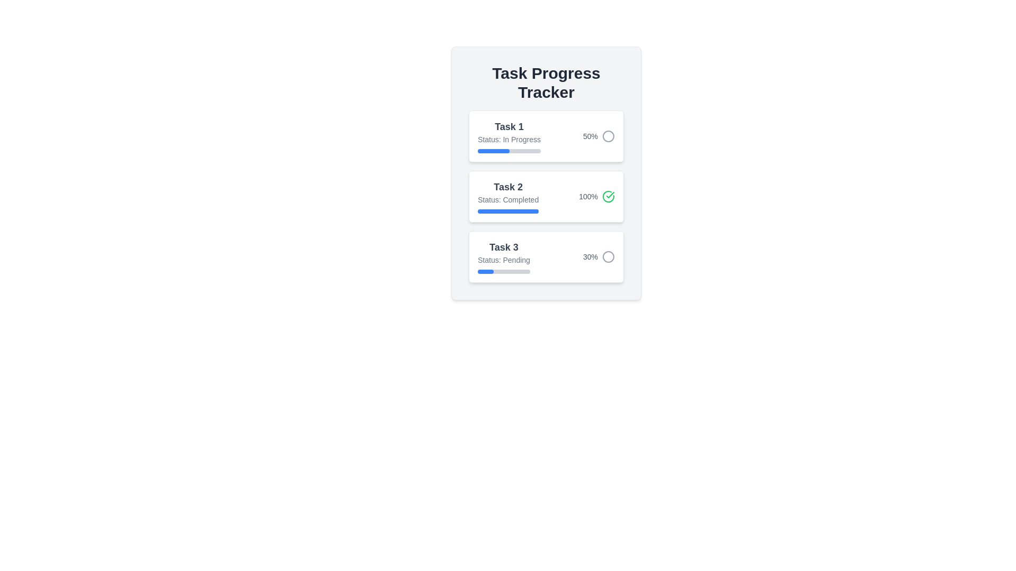 Image resolution: width=1016 pixels, height=571 pixels. Describe the element at coordinates (588, 196) in the screenshot. I see `the text component displaying '100%' located in the second task card ('Task 2'), positioned to the left of a green checkmark icon` at that location.